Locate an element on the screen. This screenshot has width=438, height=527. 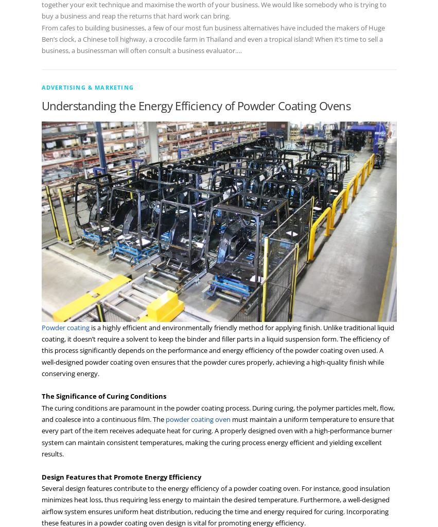
'The Significance of Curing Conditions' is located at coordinates (103, 395).